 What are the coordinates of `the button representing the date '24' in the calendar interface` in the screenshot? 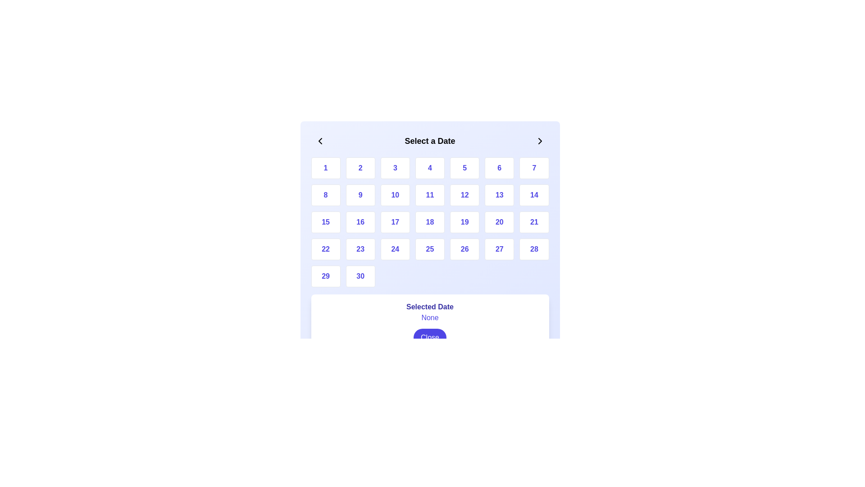 It's located at (395, 249).